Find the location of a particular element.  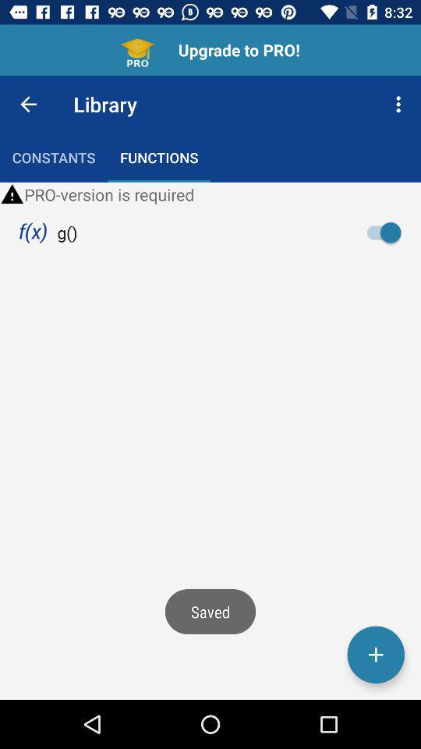

the add icon is located at coordinates (375, 655).